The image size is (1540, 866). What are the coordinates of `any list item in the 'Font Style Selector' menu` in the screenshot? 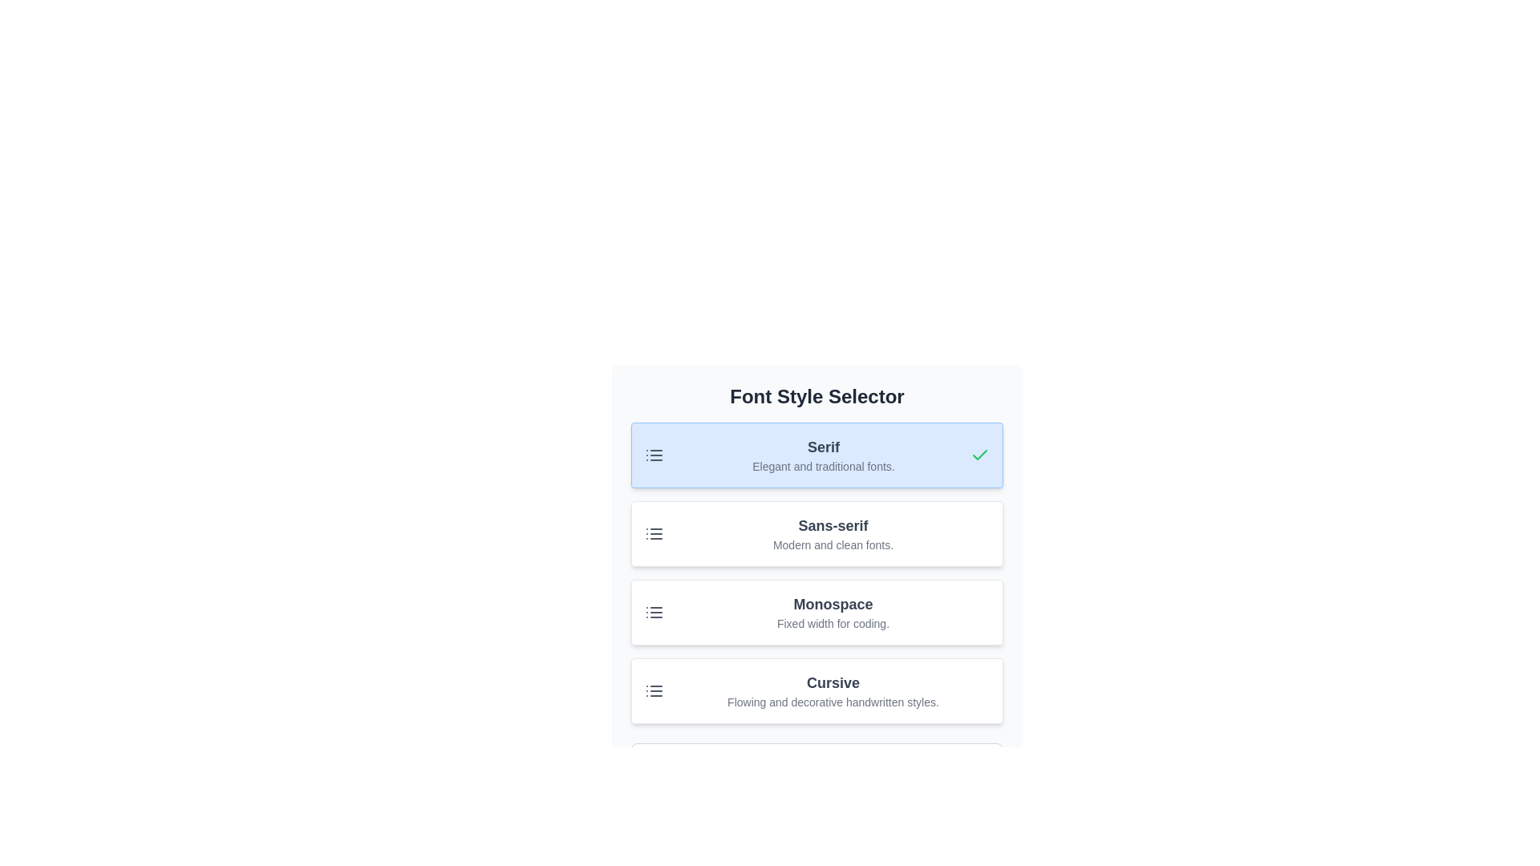 It's located at (817, 572).